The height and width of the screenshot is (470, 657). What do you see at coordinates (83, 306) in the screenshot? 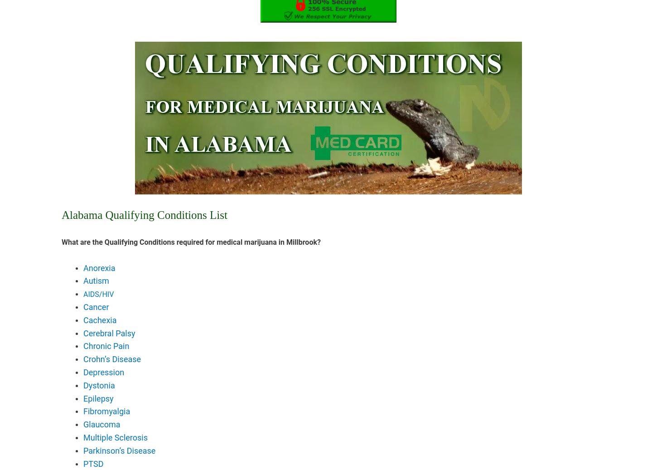
I see `'Cancer'` at bounding box center [83, 306].